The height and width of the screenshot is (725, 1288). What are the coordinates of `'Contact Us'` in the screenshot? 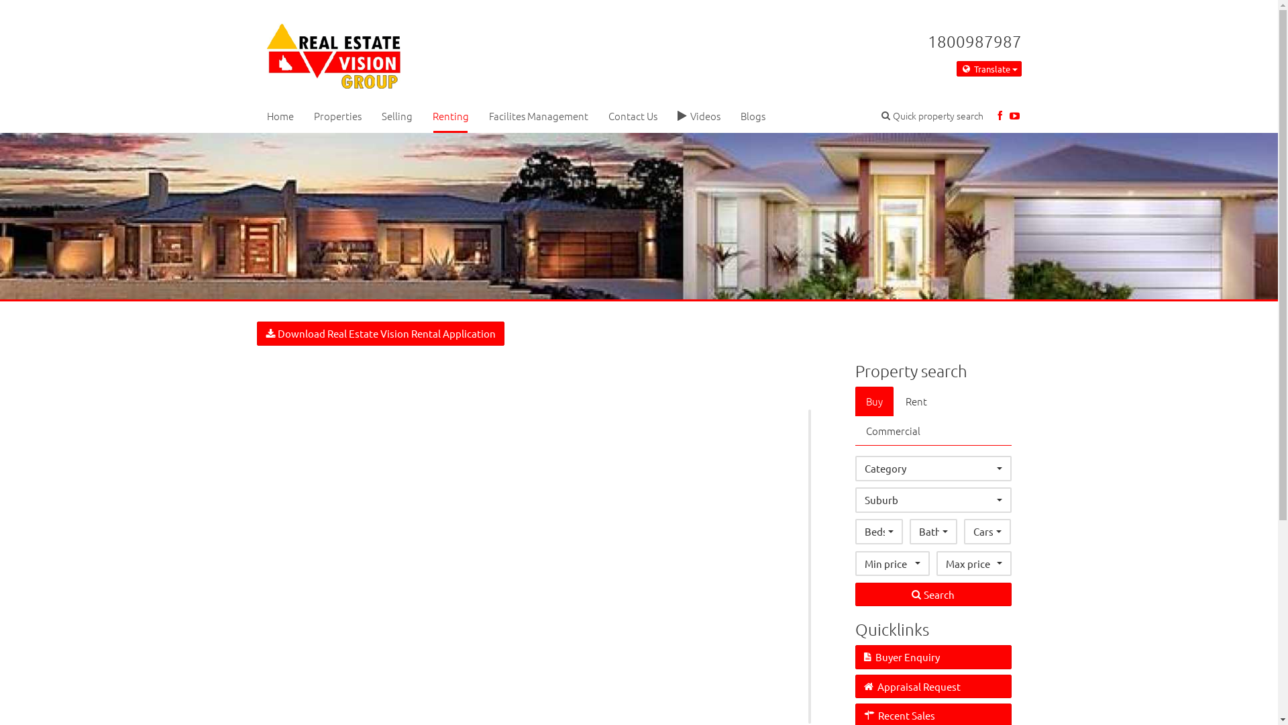 It's located at (598, 115).